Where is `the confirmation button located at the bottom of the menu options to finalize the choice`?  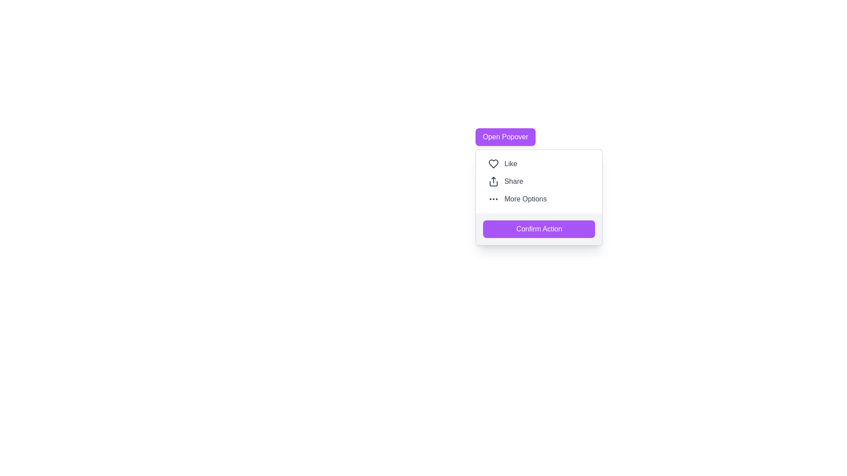
the confirmation button located at the bottom of the menu options to finalize the choice is located at coordinates (539, 229).